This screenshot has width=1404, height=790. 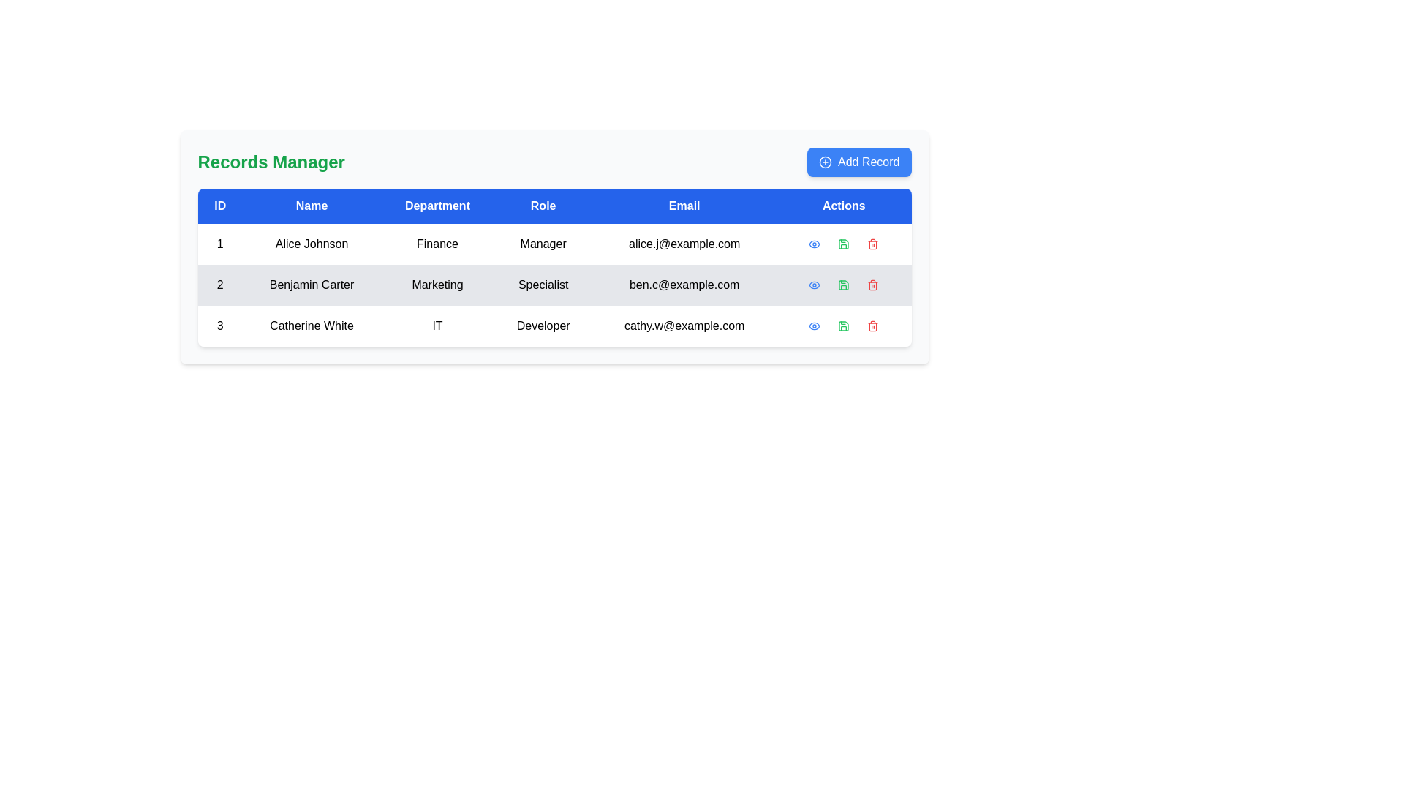 What do you see at coordinates (311, 244) in the screenshot?
I see `the text label displaying 'Alice Johnson' located in the first row under the 'Name' column of the data table` at bounding box center [311, 244].